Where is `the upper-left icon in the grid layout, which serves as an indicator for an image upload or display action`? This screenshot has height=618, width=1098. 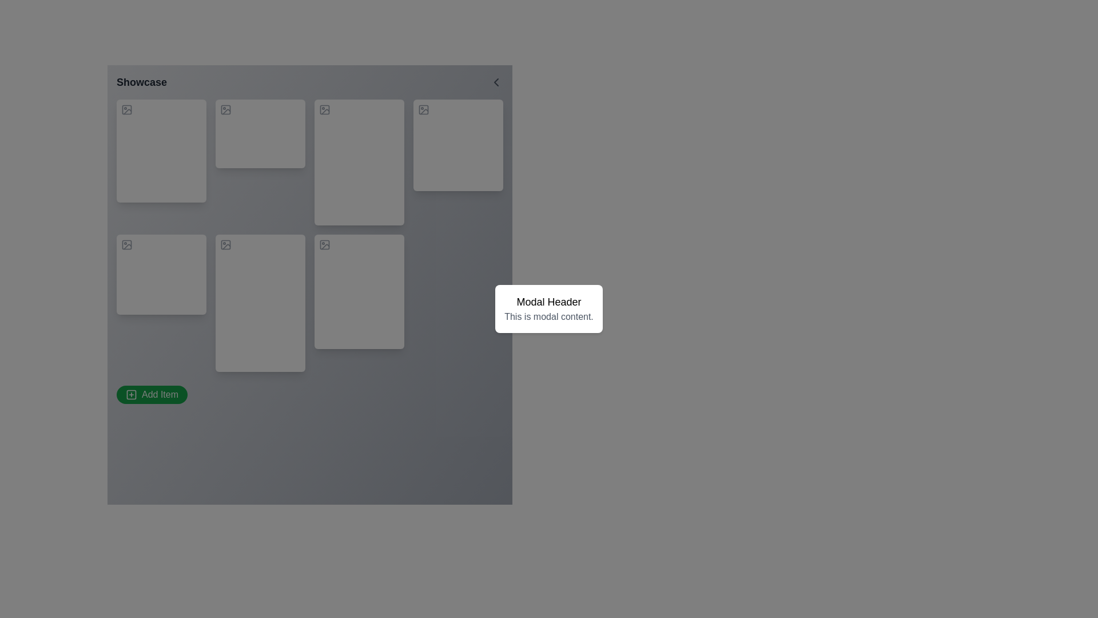 the upper-left icon in the grid layout, which serves as an indicator for an image upload or display action is located at coordinates (126, 110).